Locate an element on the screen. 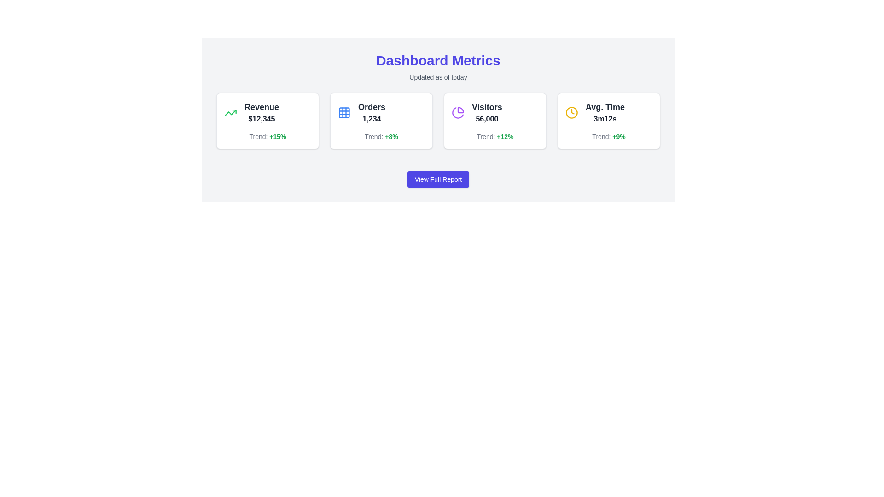  the decorative icon representing a positive revenue trend located at the top-left corner of the 'Revenue' card, above the text 'Revenue $12,345' is located at coordinates (230, 112).